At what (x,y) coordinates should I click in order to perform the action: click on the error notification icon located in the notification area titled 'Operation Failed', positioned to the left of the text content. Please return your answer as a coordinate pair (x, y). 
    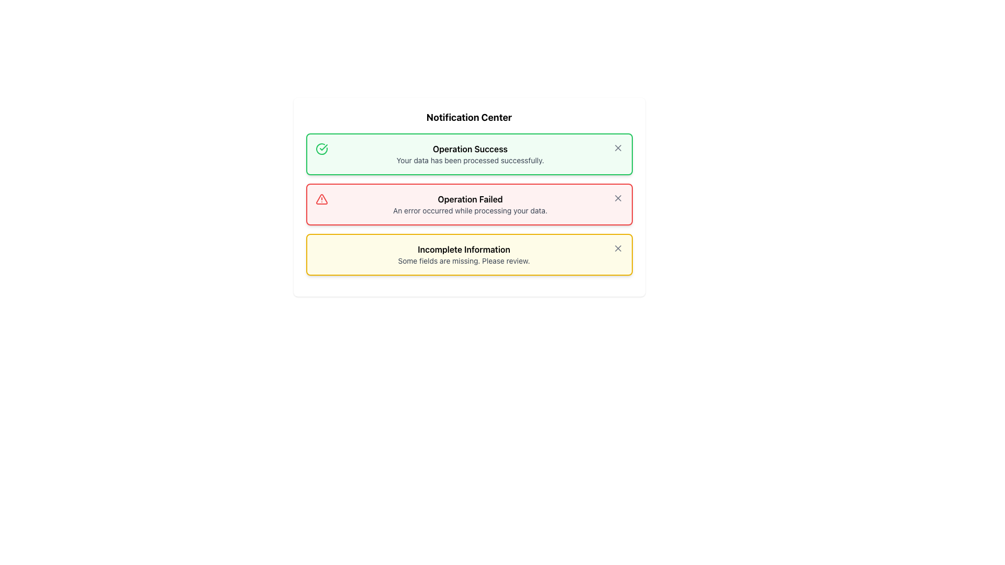
    Looking at the image, I should click on (321, 199).